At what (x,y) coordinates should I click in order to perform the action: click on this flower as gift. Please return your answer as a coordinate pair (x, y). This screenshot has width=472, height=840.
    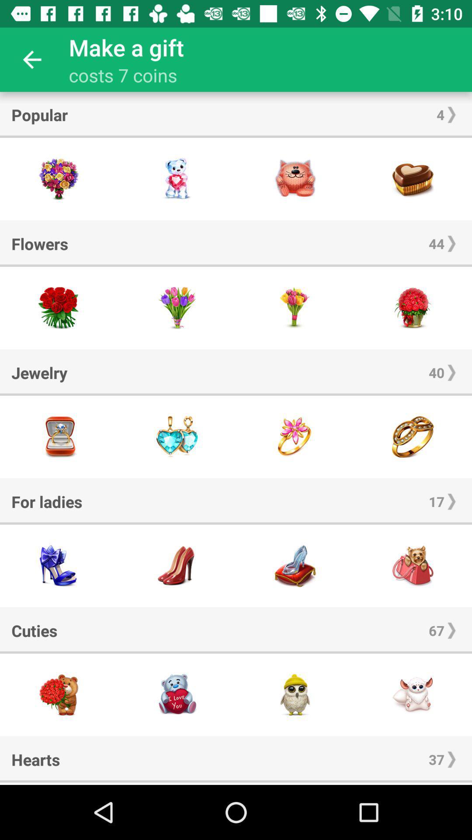
    Looking at the image, I should click on (295, 308).